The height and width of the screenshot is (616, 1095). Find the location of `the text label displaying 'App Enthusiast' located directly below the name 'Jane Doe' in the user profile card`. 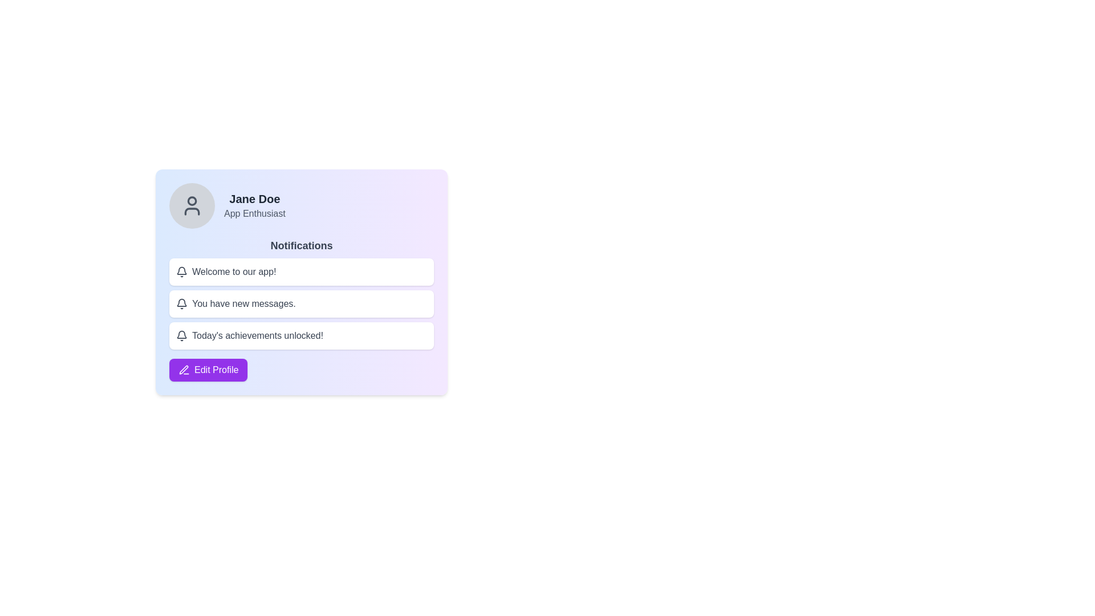

the text label displaying 'App Enthusiast' located directly below the name 'Jane Doe' in the user profile card is located at coordinates (254, 213).